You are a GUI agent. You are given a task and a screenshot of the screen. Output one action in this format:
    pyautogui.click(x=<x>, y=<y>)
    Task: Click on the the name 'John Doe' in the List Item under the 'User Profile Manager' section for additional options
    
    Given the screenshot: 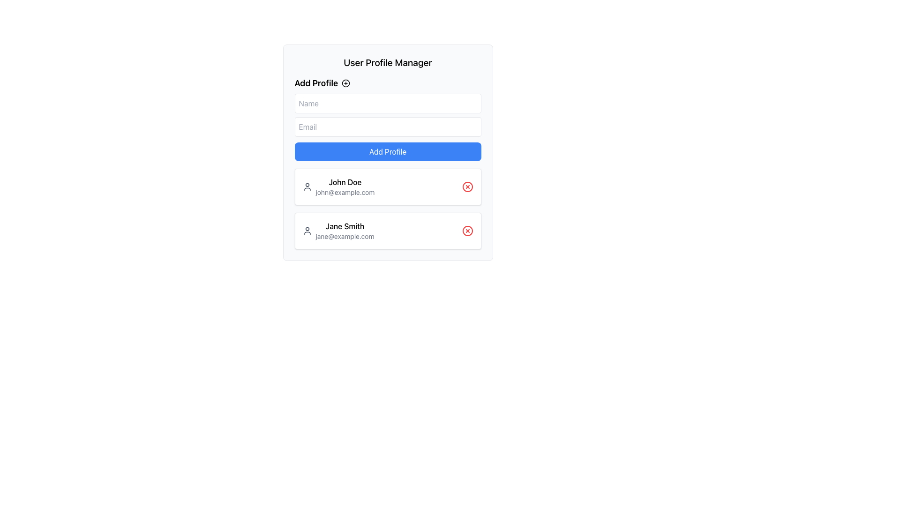 What is the action you would take?
    pyautogui.click(x=338, y=186)
    